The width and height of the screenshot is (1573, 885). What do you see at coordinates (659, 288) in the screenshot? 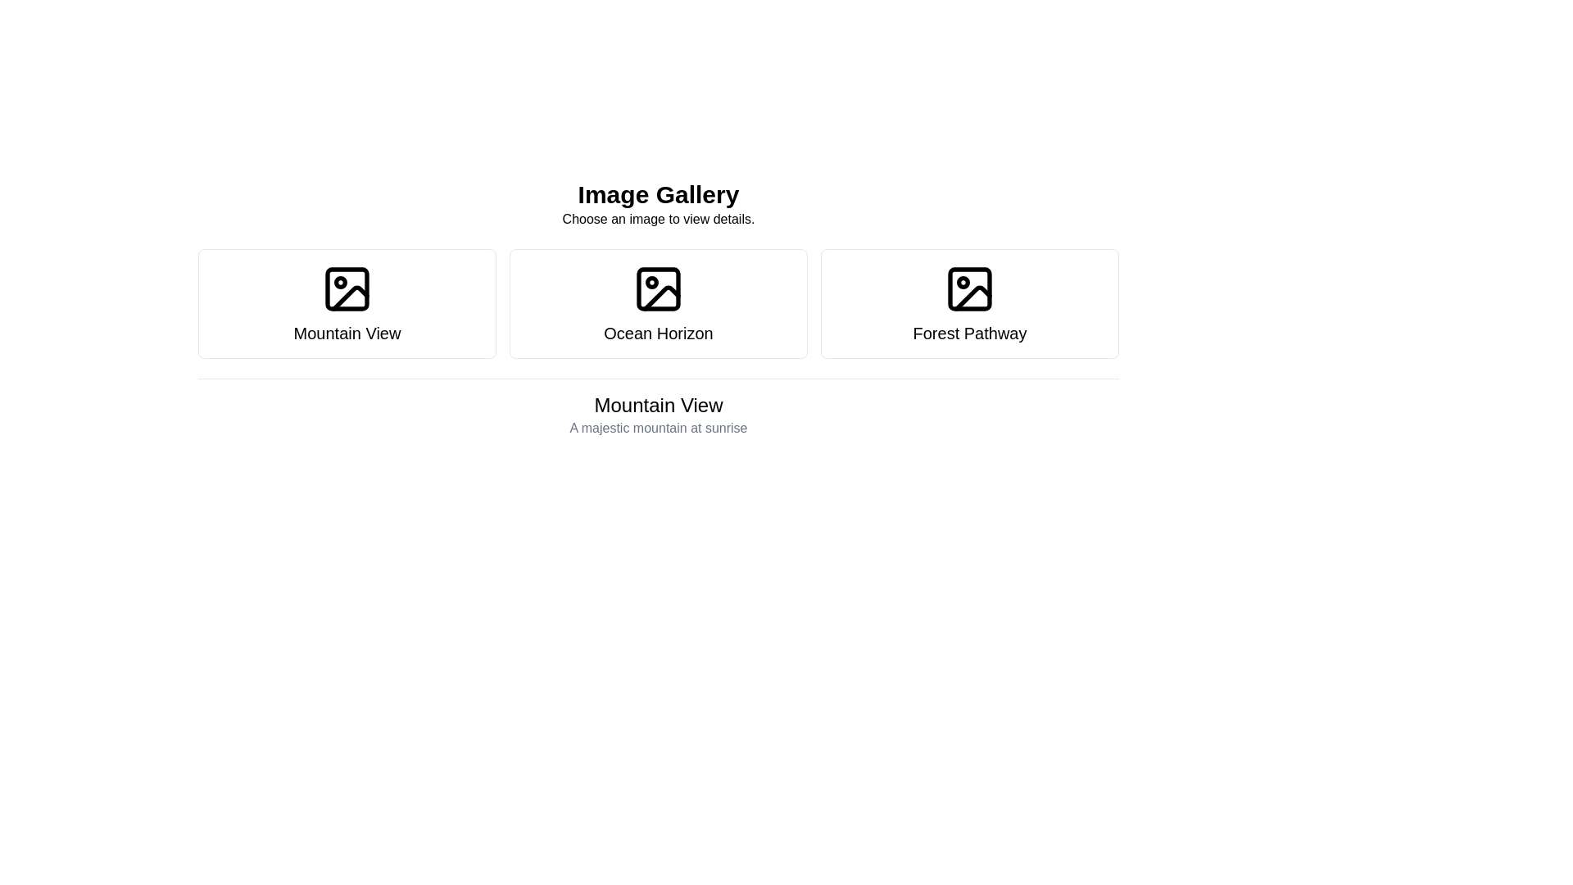
I see `the SVG rectangle with rounded corners located centrally within the Ocean Horizon image card icon` at bounding box center [659, 288].